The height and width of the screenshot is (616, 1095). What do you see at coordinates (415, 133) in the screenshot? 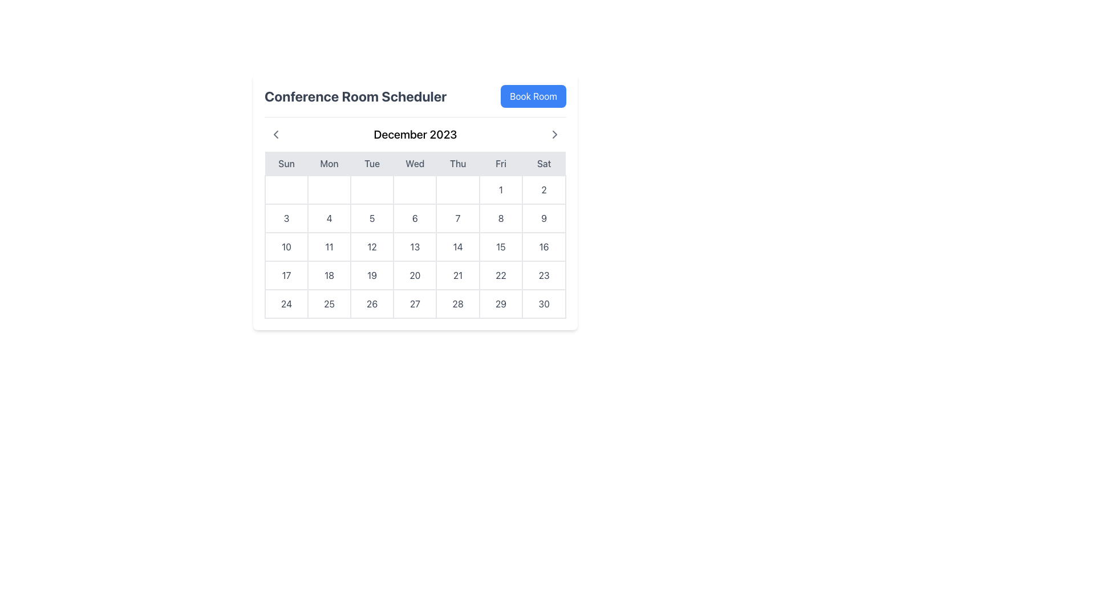
I see `displayed month name 'December 2023' from the header row in the calendar view, which is prominently displayed in a bold font` at bounding box center [415, 133].